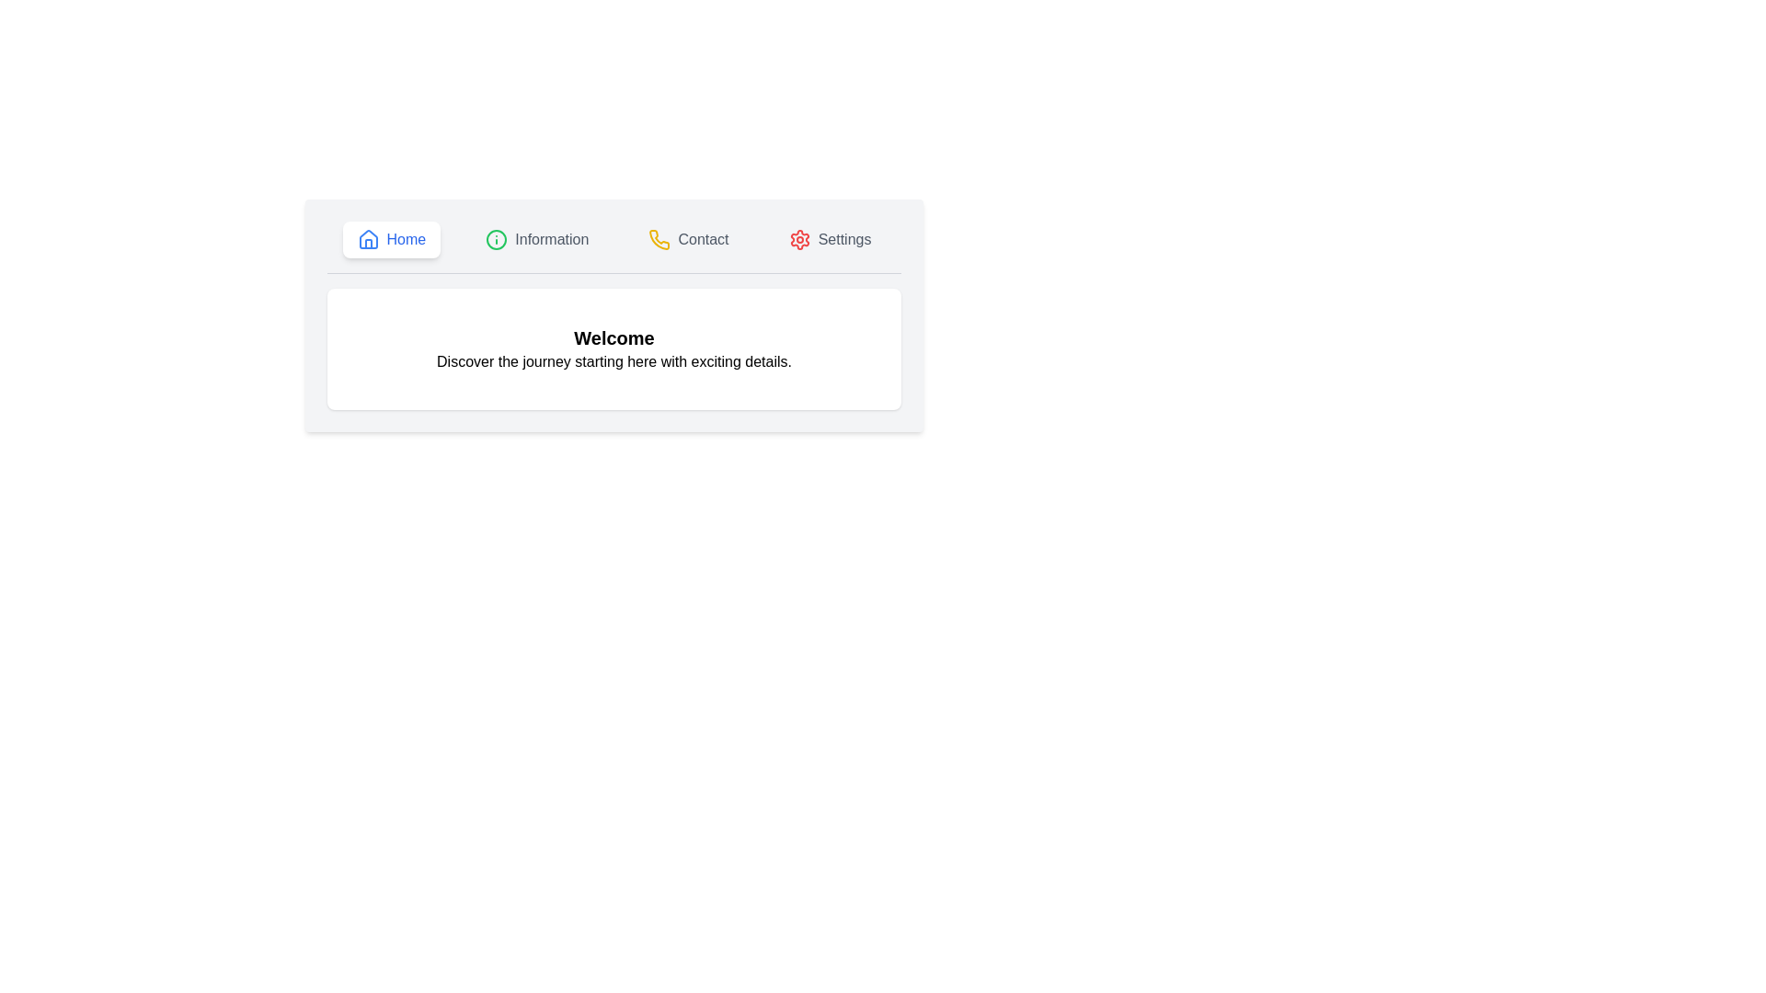  What do you see at coordinates (799, 239) in the screenshot?
I see `red gear symbol element located in the settings icon, which is the fourth item from the left in the top navigation bar` at bounding box center [799, 239].